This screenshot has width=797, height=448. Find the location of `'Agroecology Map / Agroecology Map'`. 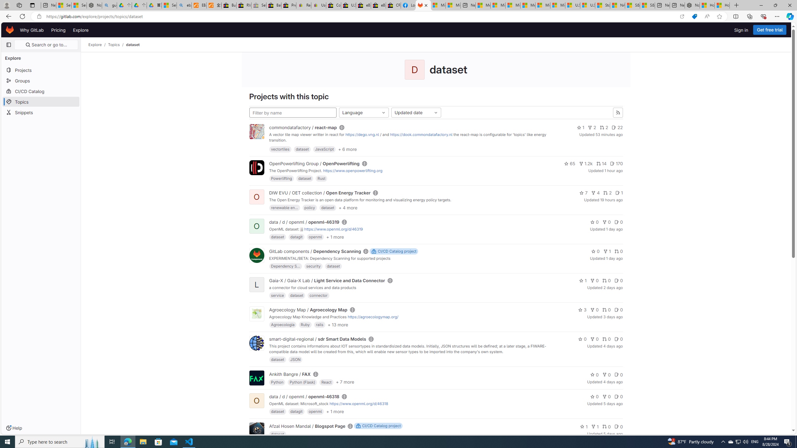

'Agroecology Map / Agroecology Map' is located at coordinates (308, 310).